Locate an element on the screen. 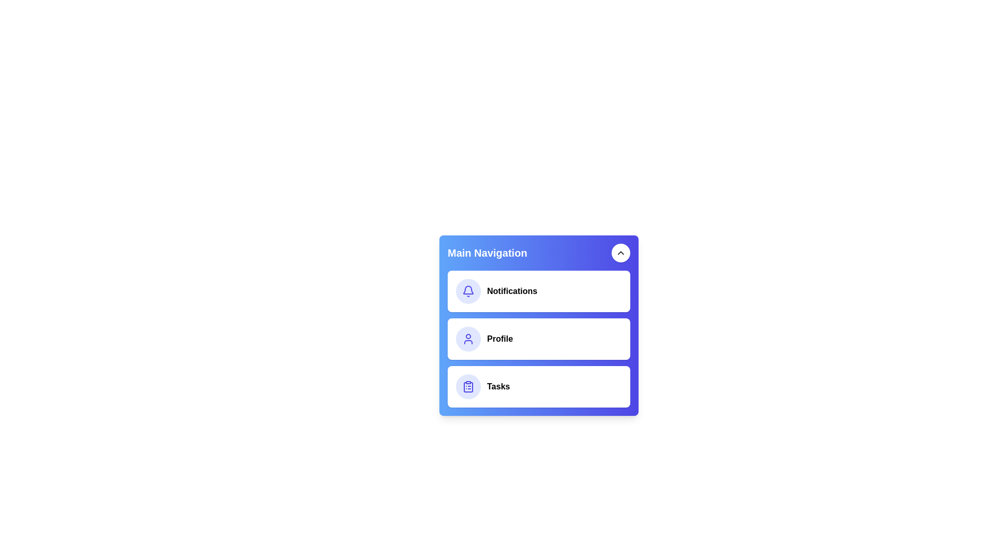 The image size is (996, 560). the menu item Notifications to perform its associated action is located at coordinates (538, 291).